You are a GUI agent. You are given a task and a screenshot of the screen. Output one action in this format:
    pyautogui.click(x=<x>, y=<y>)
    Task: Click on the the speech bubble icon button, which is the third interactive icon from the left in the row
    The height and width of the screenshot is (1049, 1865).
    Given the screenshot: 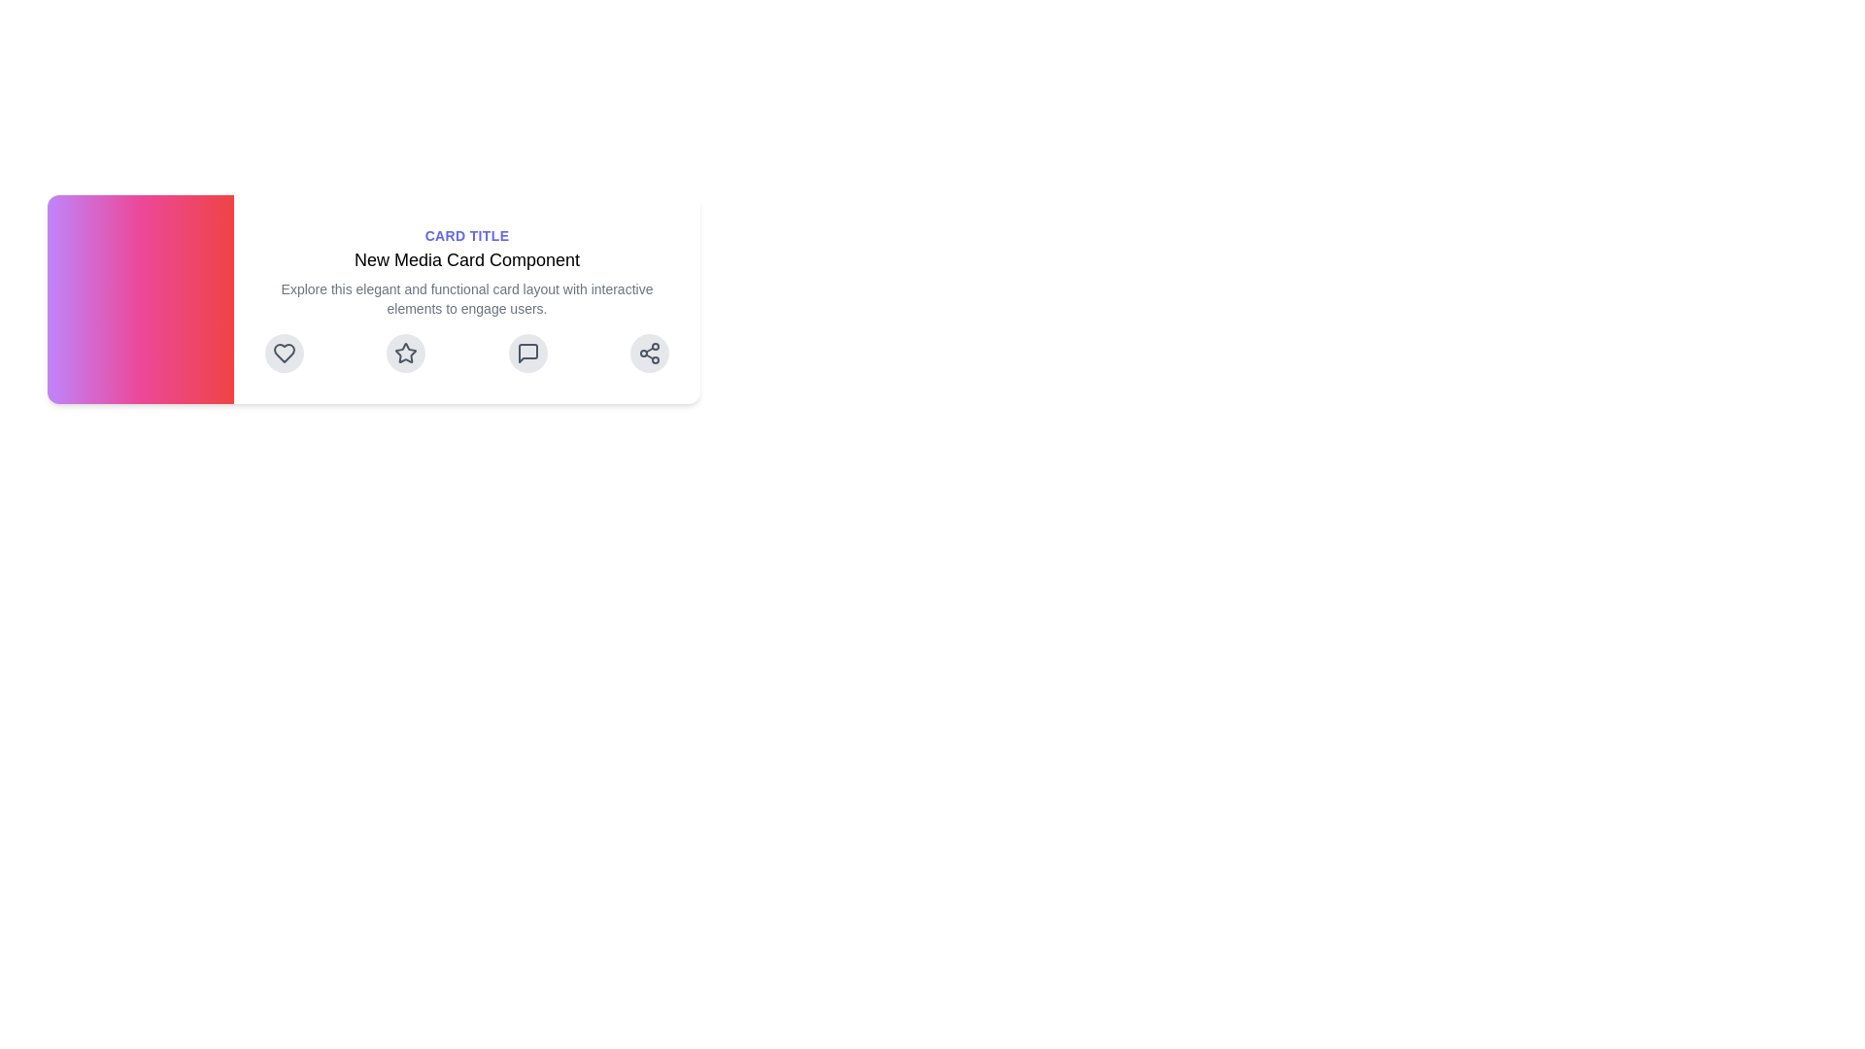 What is the action you would take?
    pyautogui.click(x=527, y=353)
    